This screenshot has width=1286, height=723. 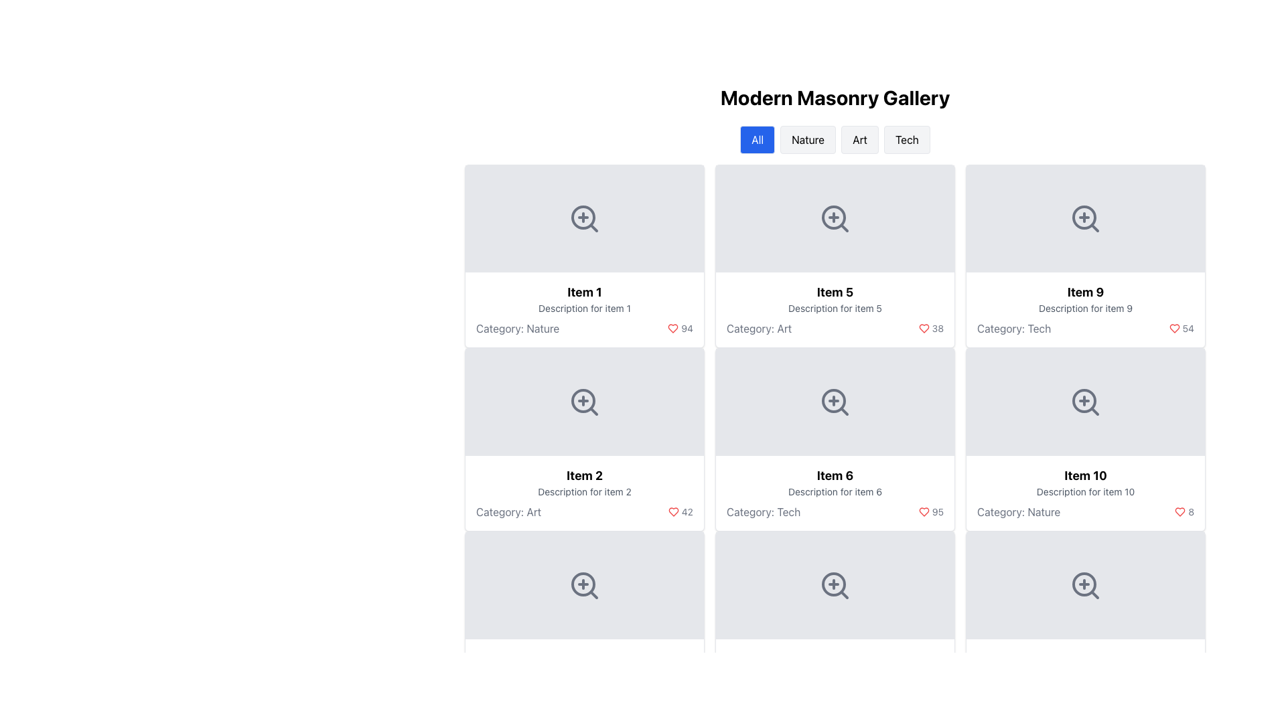 What do you see at coordinates (807, 139) in the screenshot?
I see `the 'Nature' button, which is a rectangular button with a light gray background and rounded corners, to filter the grid by the 'Nature' category` at bounding box center [807, 139].